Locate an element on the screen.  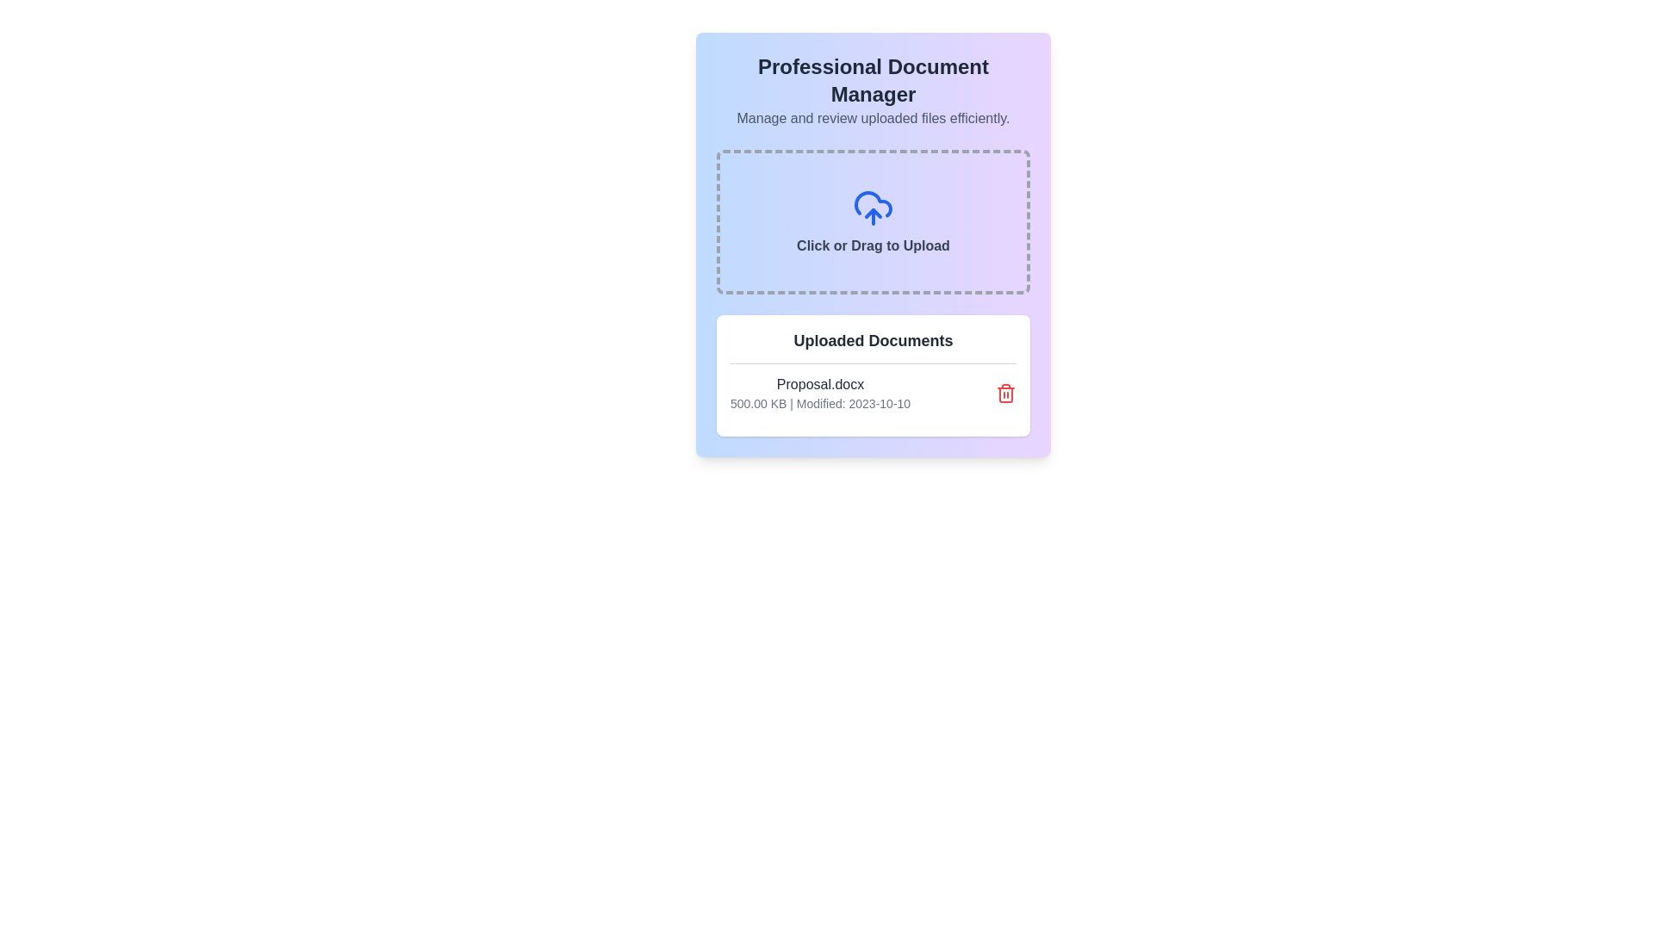
the upload icon located in the 'Click or Drag to Upload' section, which is visually represented to indicate the upload functionality is located at coordinates (873, 208).